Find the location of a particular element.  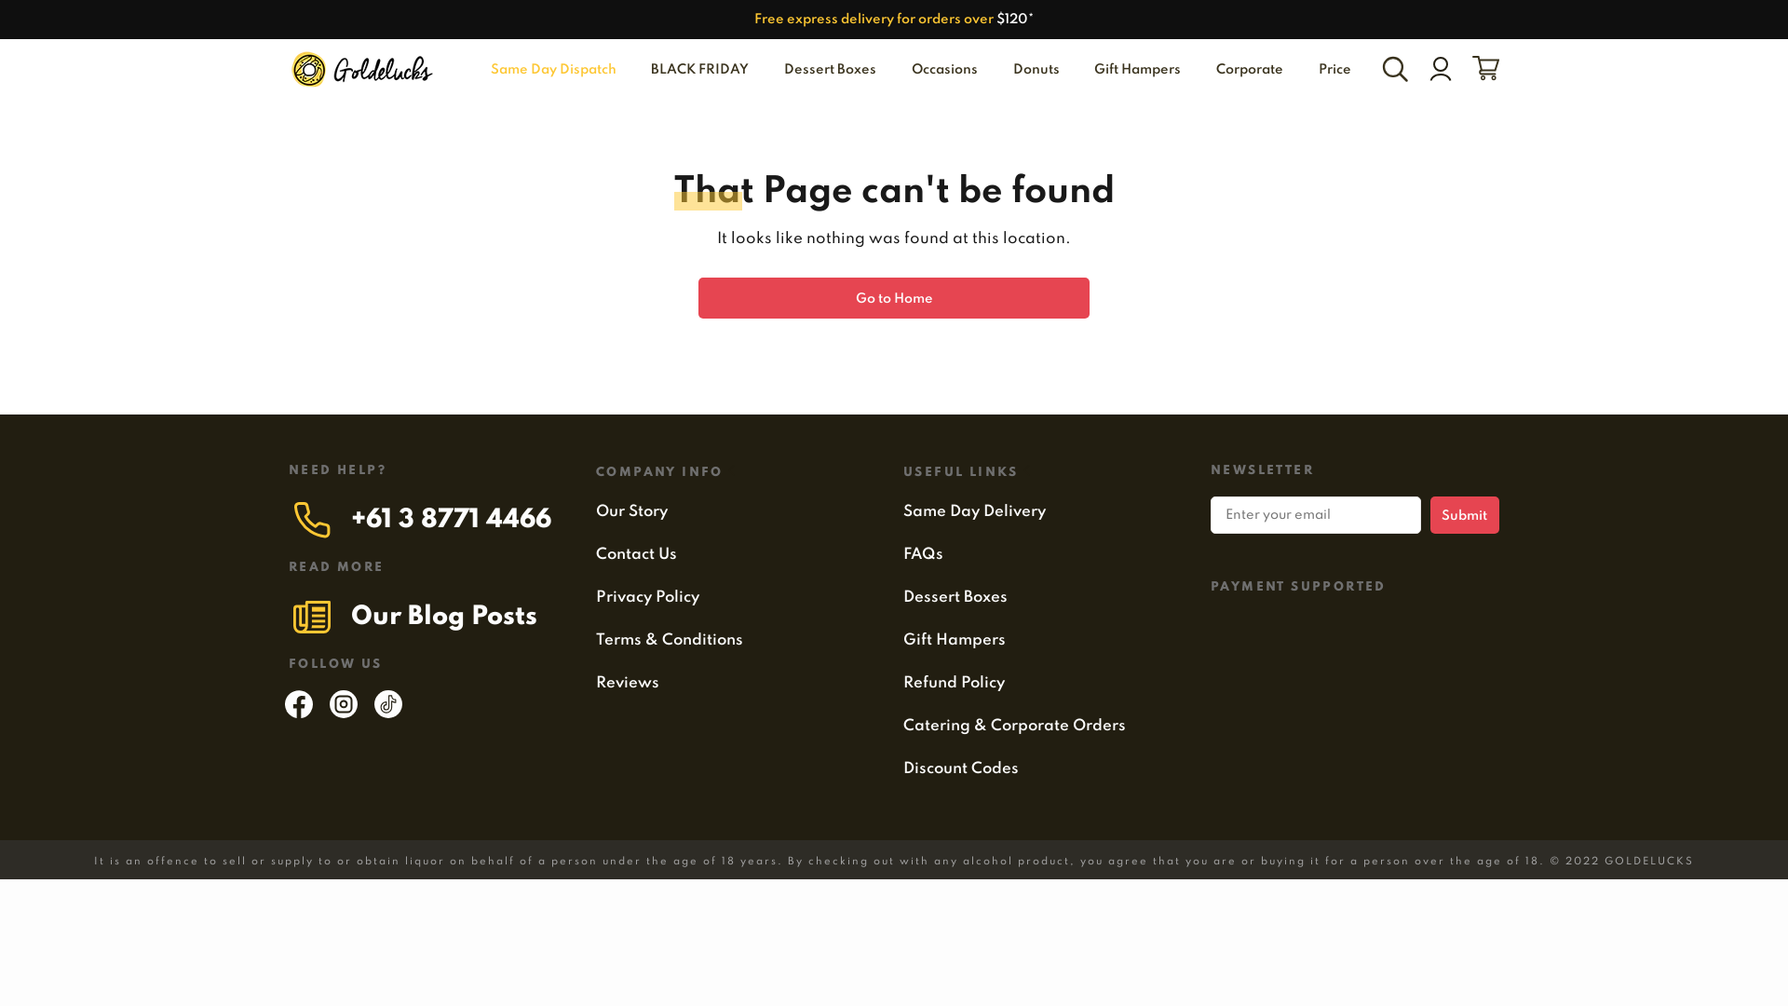

'Contact Us' is located at coordinates (636, 552).